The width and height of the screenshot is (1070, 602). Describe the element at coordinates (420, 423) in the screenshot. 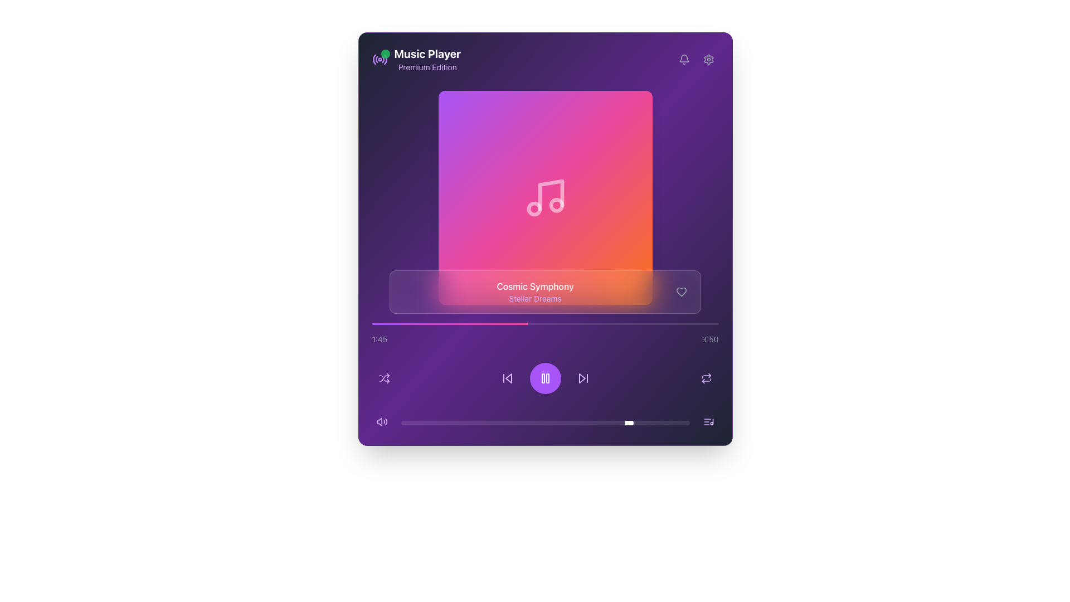

I see `the slider` at that location.